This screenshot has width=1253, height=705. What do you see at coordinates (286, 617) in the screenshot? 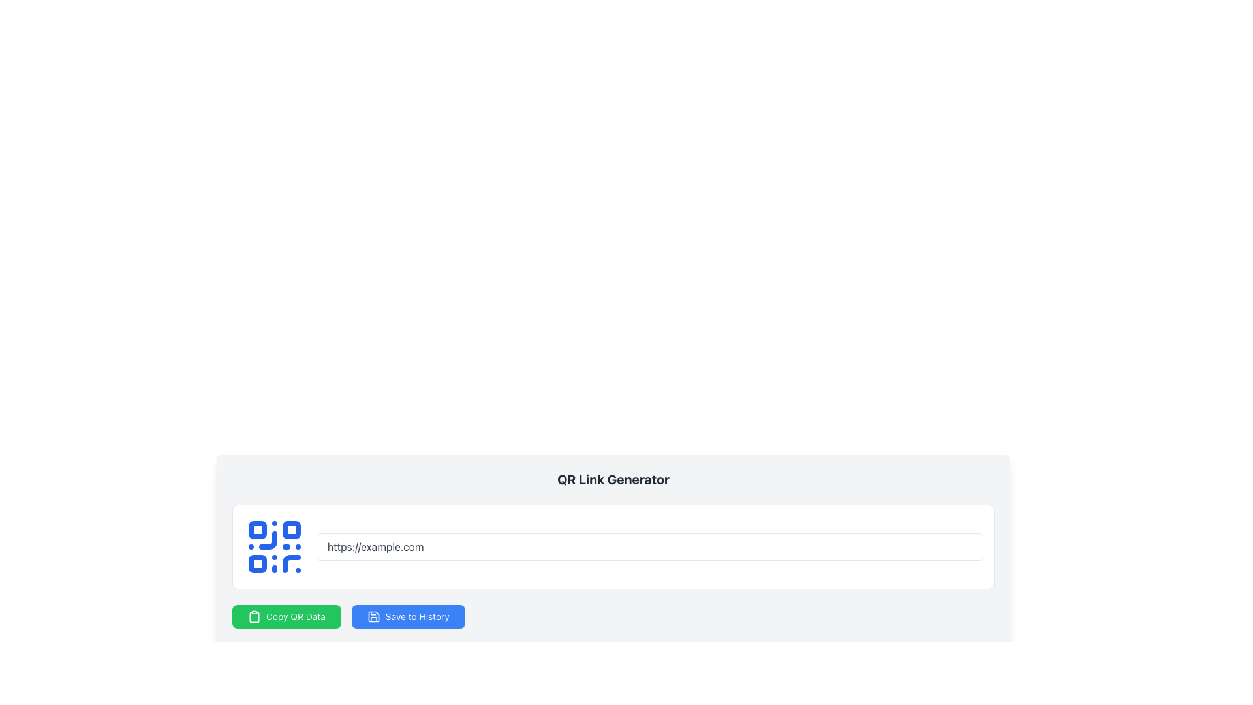
I see `the green button labeled 'Copy QR Data' with a clipboard icon to copy the displayed QR code data` at bounding box center [286, 617].